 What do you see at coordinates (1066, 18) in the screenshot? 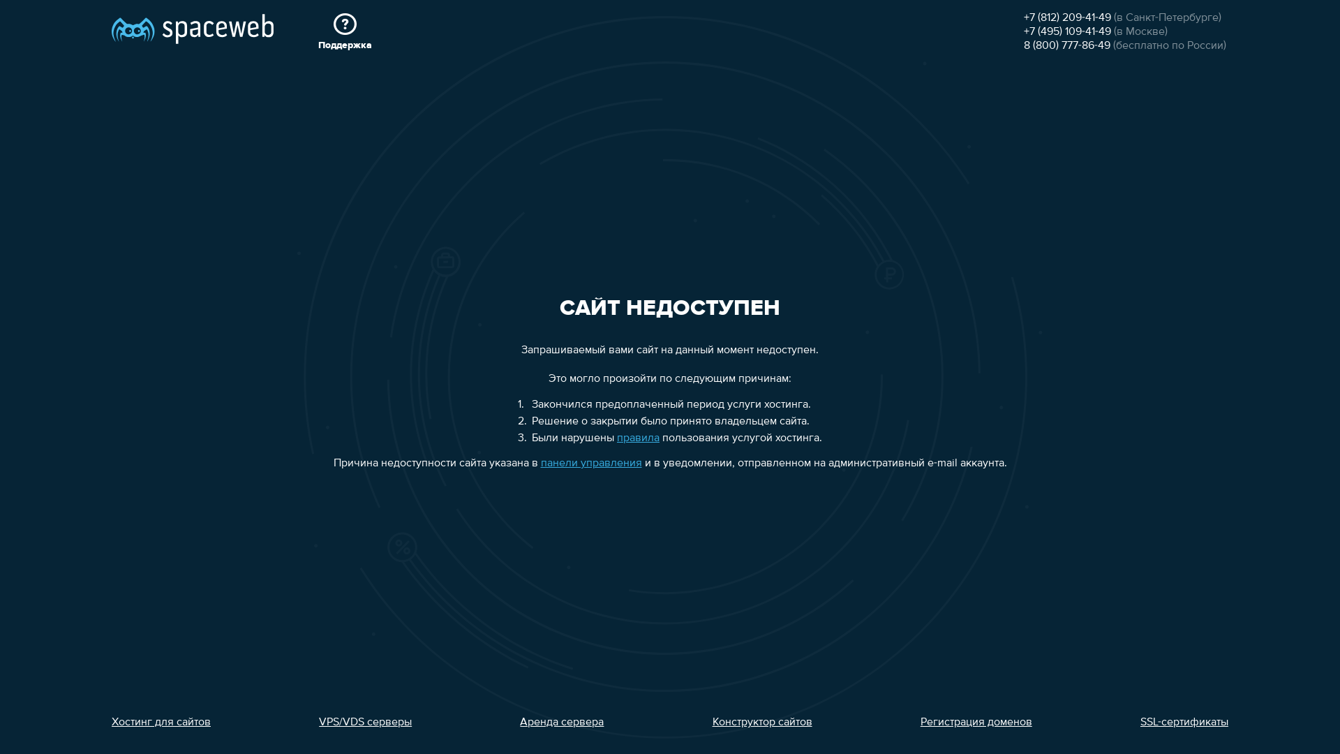
I see `'+7 (812) 209-41-49'` at bounding box center [1066, 18].